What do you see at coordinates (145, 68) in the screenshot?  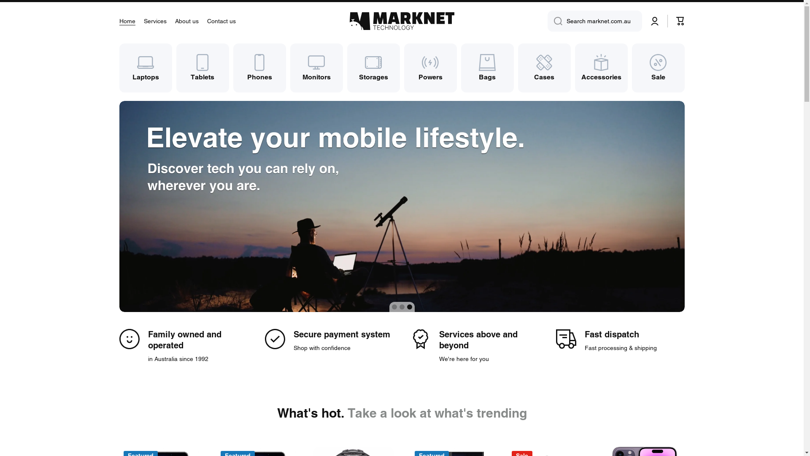 I see `'Laptops'` at bounding box center [145, 68].